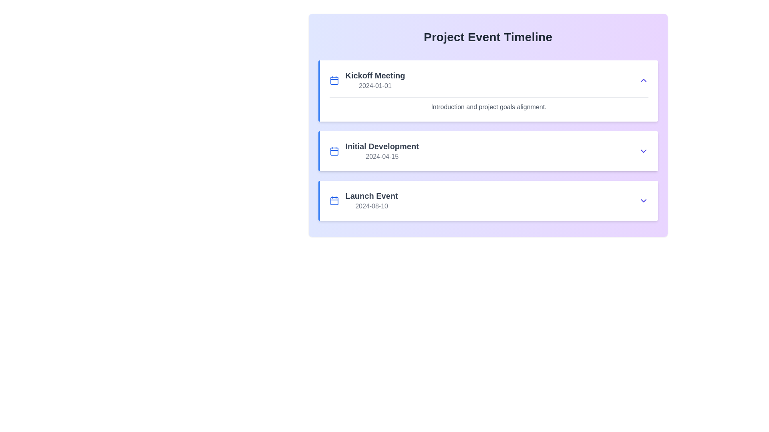  What do you see at coordinates (488, 104) in the screenshot?
I see `descriptive text located directly beneath the 'Kickoff Meeting' title and date within the first card of the vertical list of event entries` at bounding box center [488, 104].